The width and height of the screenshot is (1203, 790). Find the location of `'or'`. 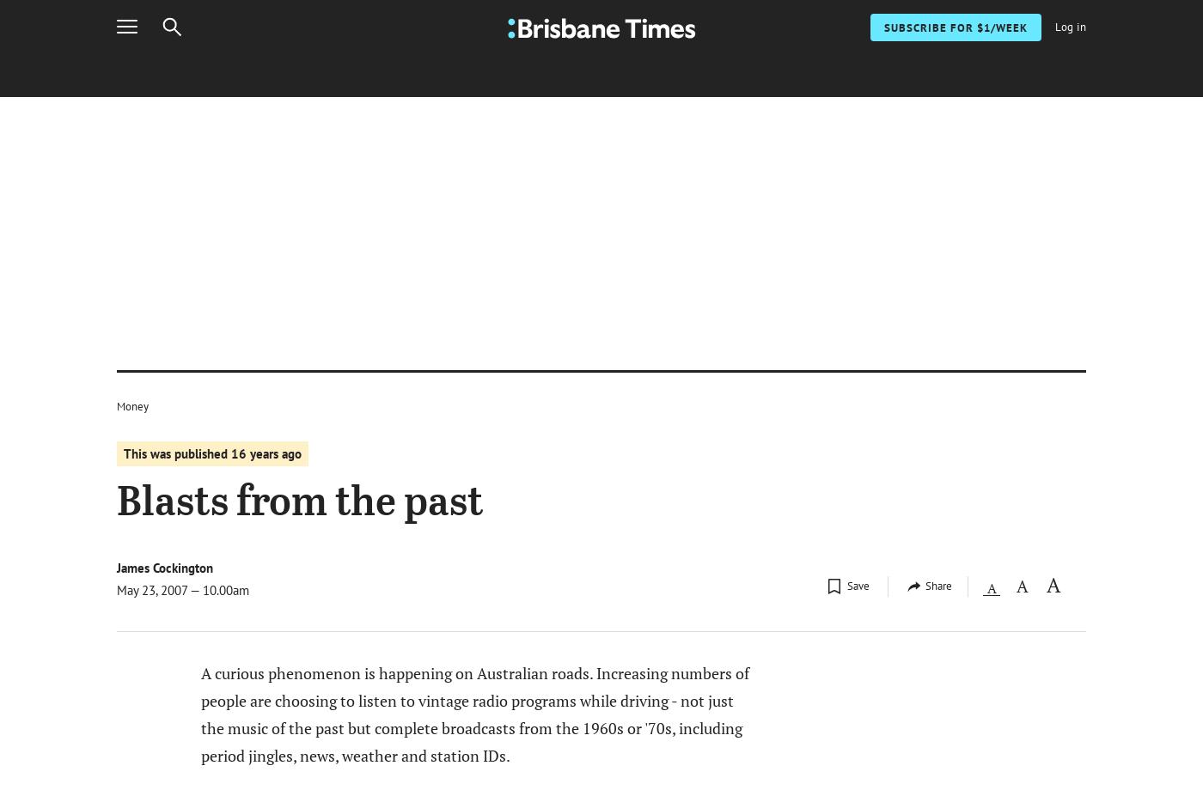

'or' is located at coordinates (925, 518).